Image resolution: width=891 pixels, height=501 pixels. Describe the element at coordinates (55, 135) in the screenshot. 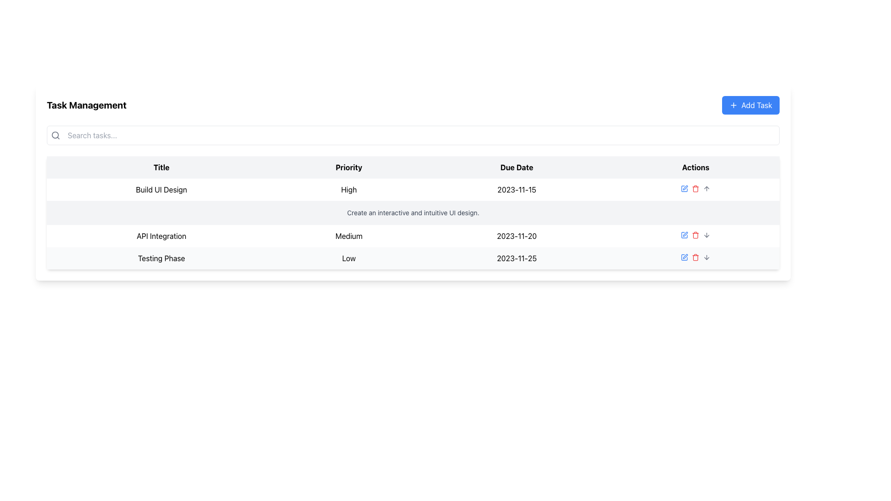

I see `the magnifying glass icon, which is styled with a gray outline and positioned on a white background` at that location.